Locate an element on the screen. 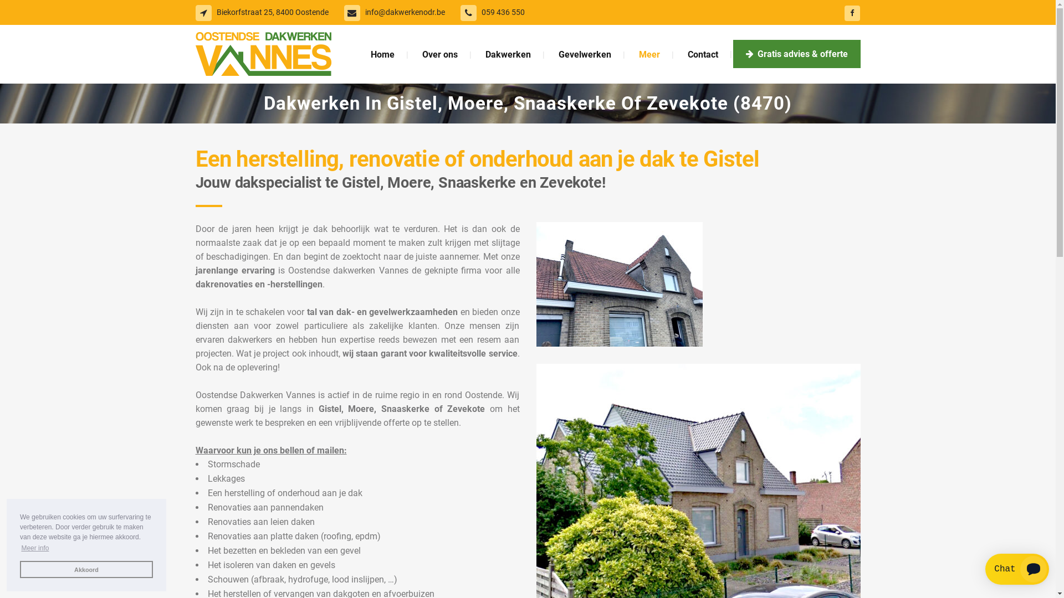 The height and width of the screenshot is (598, 1064). 'Smartsupp widget button' is located at coordinates (1017, 569).